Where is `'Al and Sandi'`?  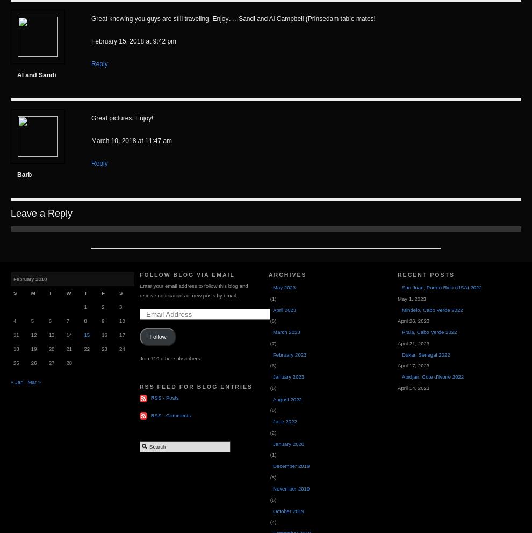
'Al and Sandi' is located at coordinates (37, 75).